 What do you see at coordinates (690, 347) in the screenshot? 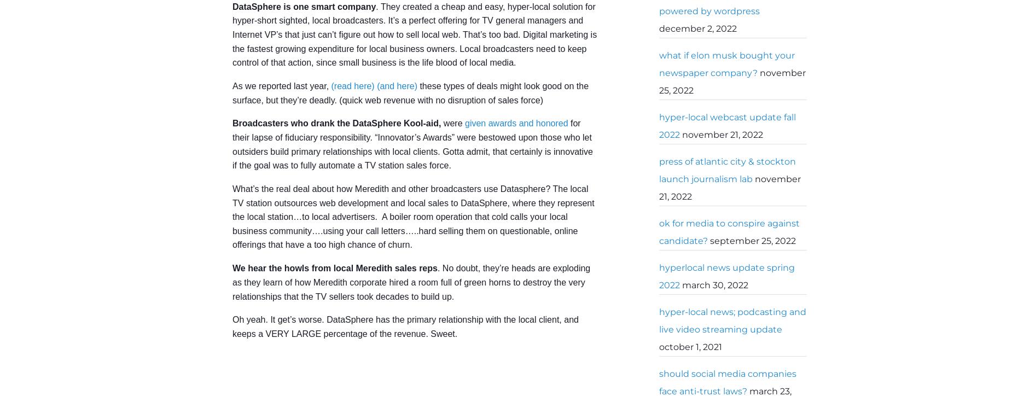
I see `'October 1, 2021'` at bounding box center [690, 347].